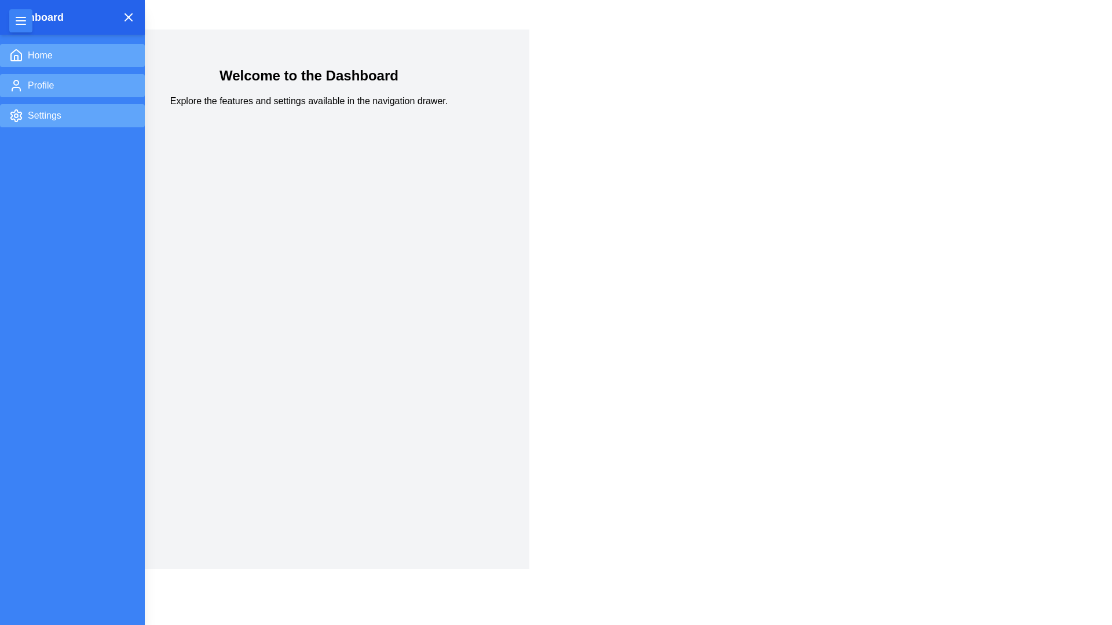 This screenshot has height=625, width=1112. What do you see at coordinates (128, 17) in the screenshot?
I see `the close button located at the top-right corner of the blue navigation header bar` at bounding box center [128, 17].